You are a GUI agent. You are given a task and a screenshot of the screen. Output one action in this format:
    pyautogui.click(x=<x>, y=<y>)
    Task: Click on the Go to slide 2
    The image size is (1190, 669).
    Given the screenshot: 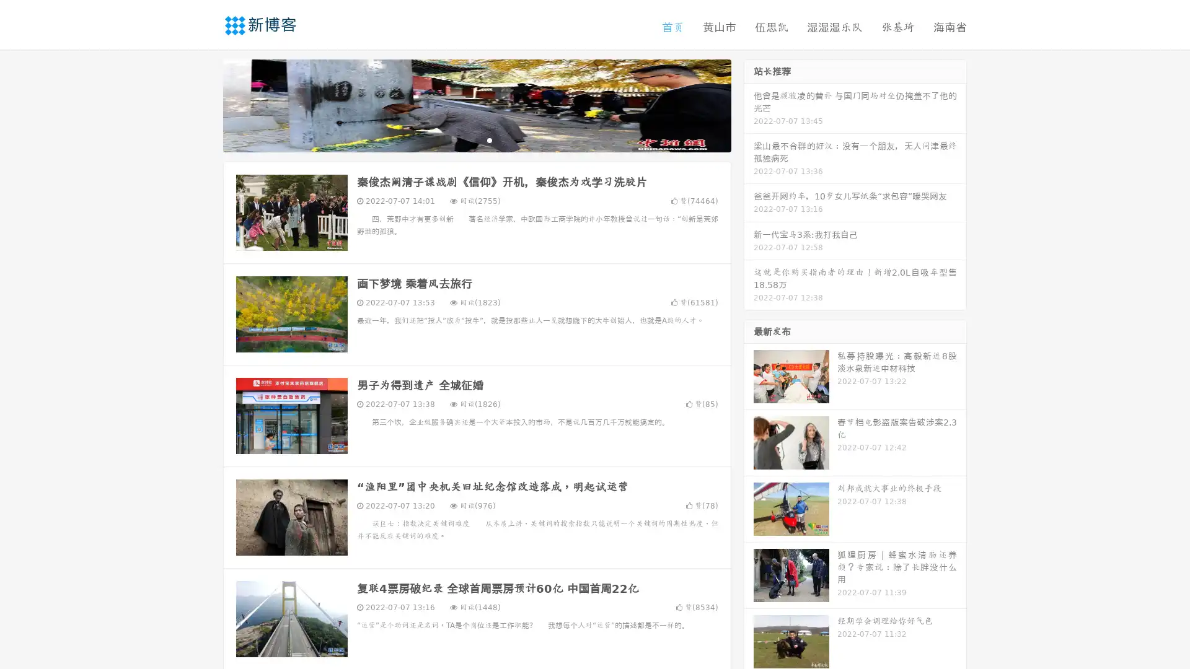 What is the action you would take?
    pyautogui.click(x=476, y=139)
    